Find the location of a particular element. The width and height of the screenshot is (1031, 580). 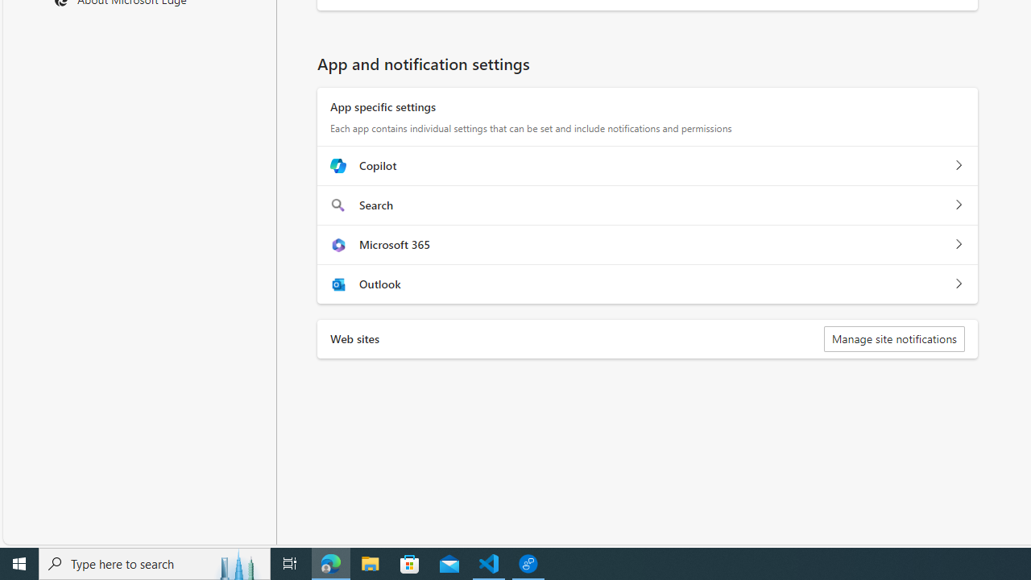

'Manage site notifications' is located at coordinates (892, 338).